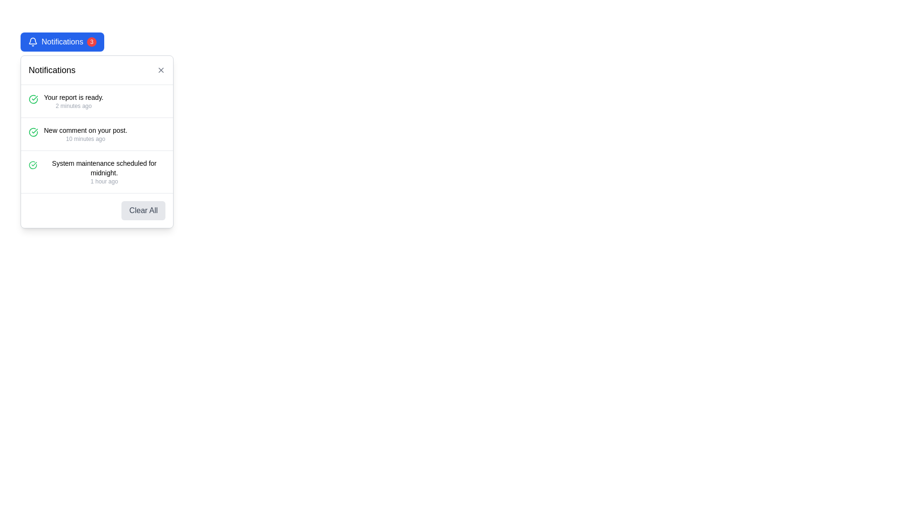  I want to click on the Notifications button with a blue background, white bell icon, and red badge showing '3' to trigger the tooltip, so click(62, 42).